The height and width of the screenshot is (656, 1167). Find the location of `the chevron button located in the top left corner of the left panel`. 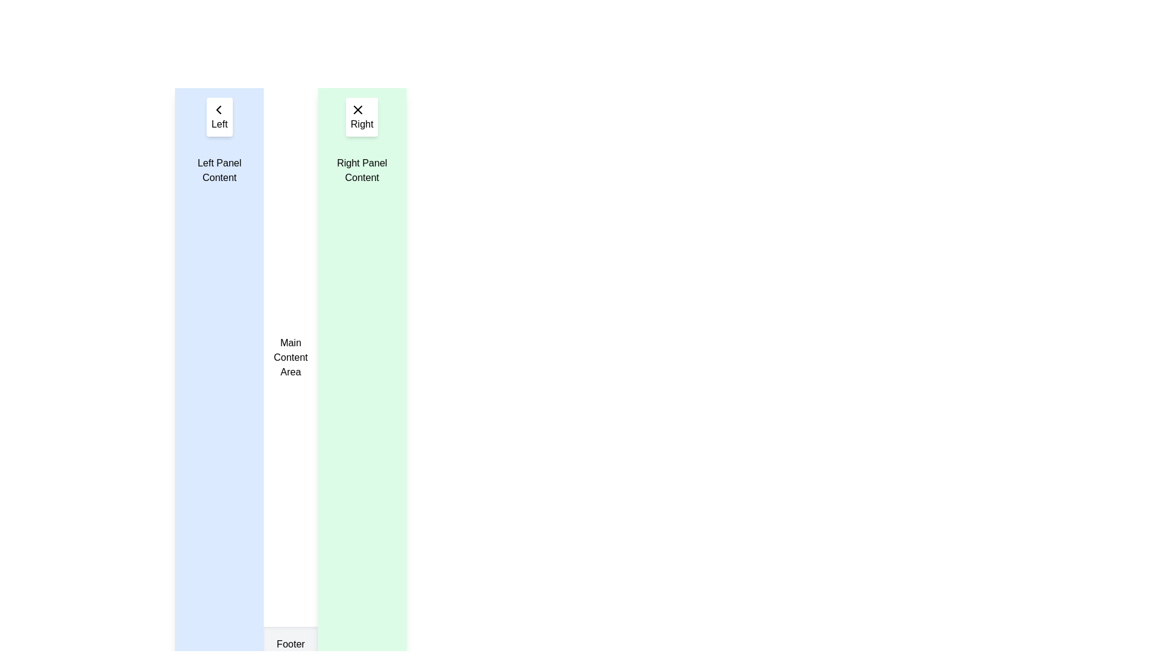

the chevron button located in the top left corner of the left panel is located at coordinates (218, 110).